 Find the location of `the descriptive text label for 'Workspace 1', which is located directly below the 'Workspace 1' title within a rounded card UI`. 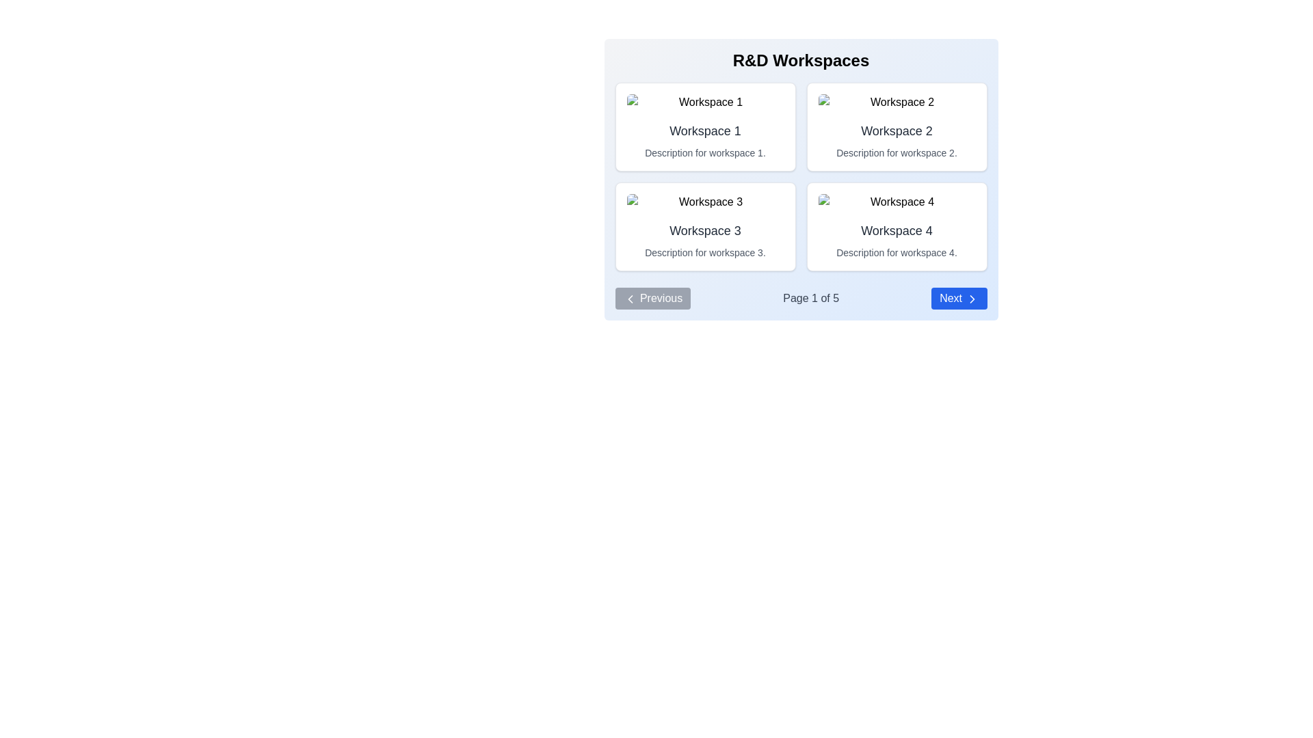

the descriptive text label for 'Workspace 1', which is located directly below the 'Workspace 1' title within a rounded card UI is located at coordinates (705, 152).